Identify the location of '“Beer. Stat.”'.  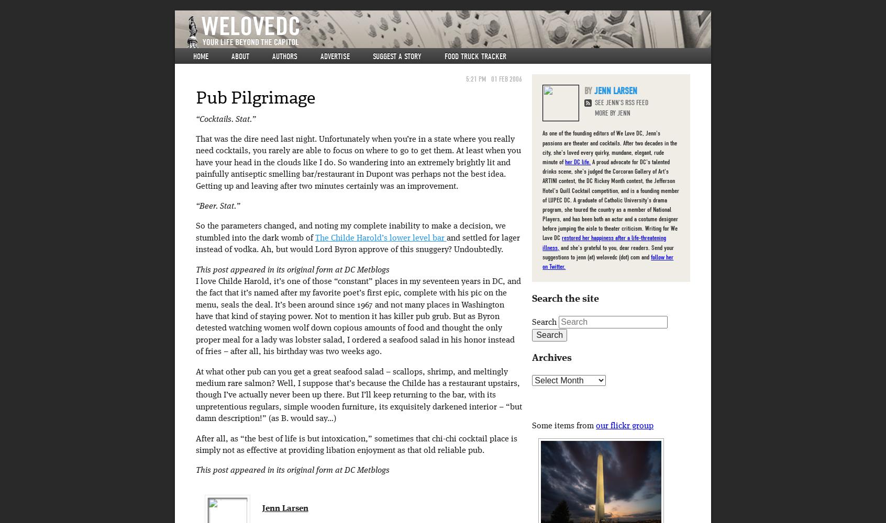
(195, 206).